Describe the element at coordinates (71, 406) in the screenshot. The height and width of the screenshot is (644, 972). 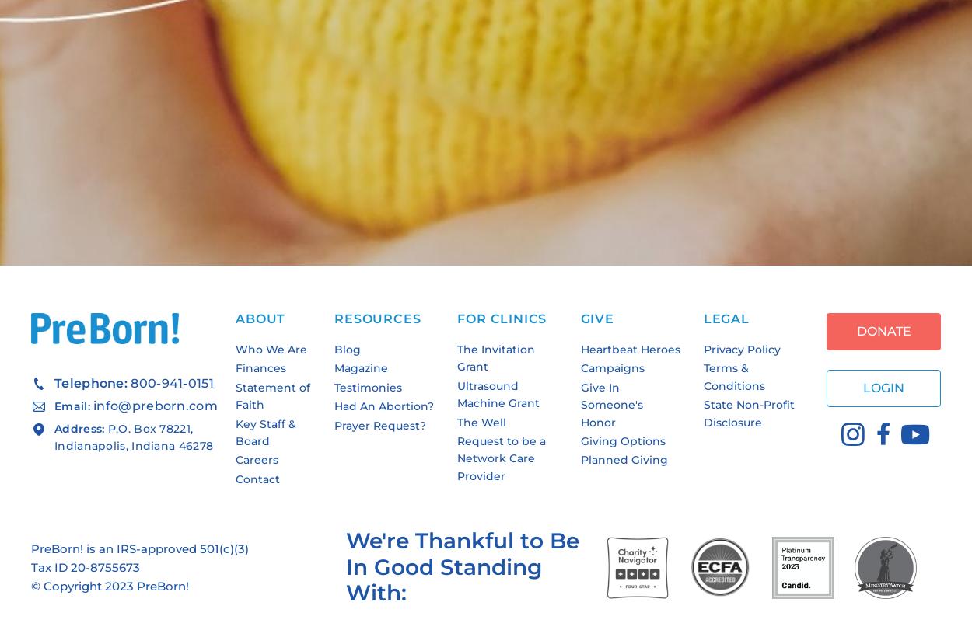
I see `'Email:'` at that location.